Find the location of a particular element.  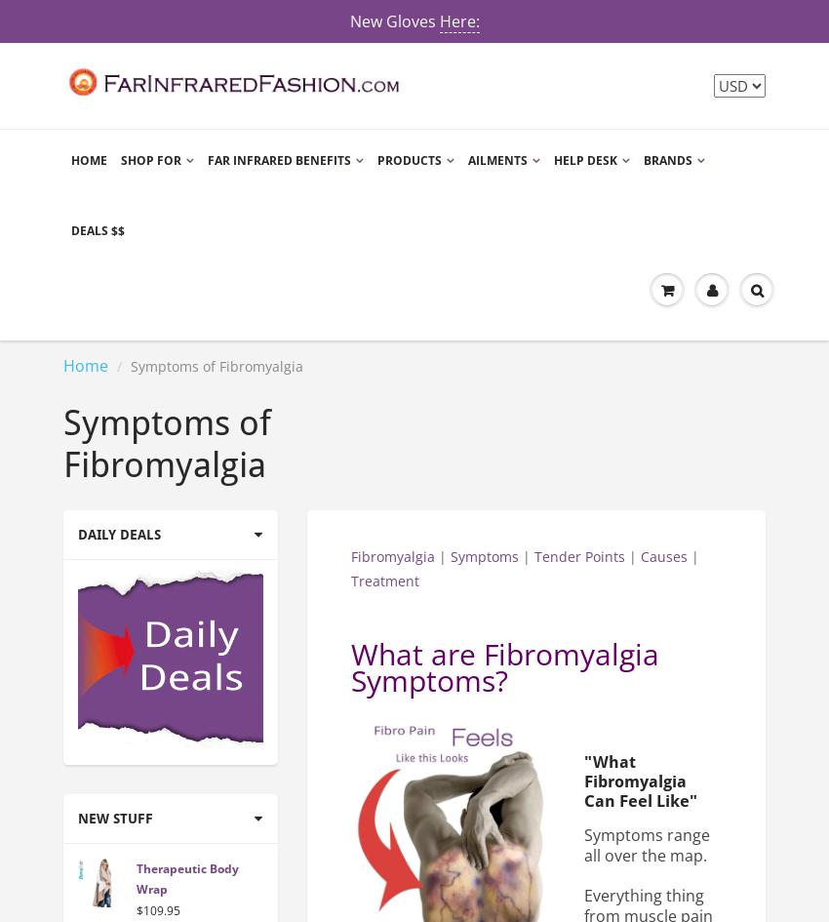

'Daily Deals' is located at coordinates (118, 533).